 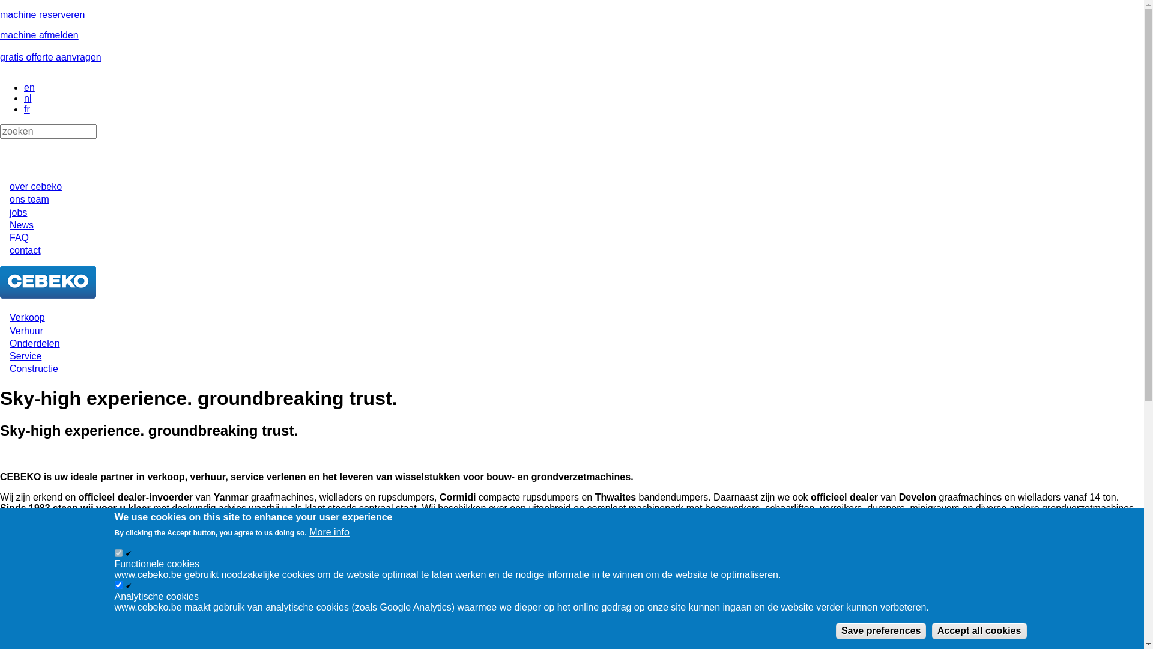 What do you see at coordinates (931, 630) in the screenshot?
I see `'Accept all cookies'` at bounding box center [931, 630].